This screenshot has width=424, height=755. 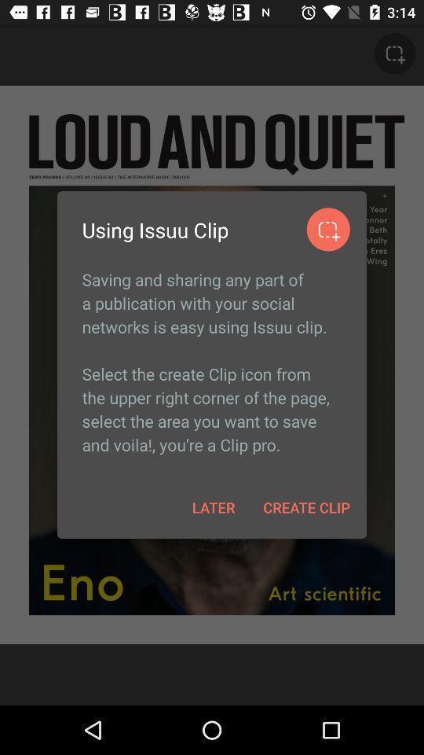 I want to click on item below saving and sharing, so click(x=213, y=506).